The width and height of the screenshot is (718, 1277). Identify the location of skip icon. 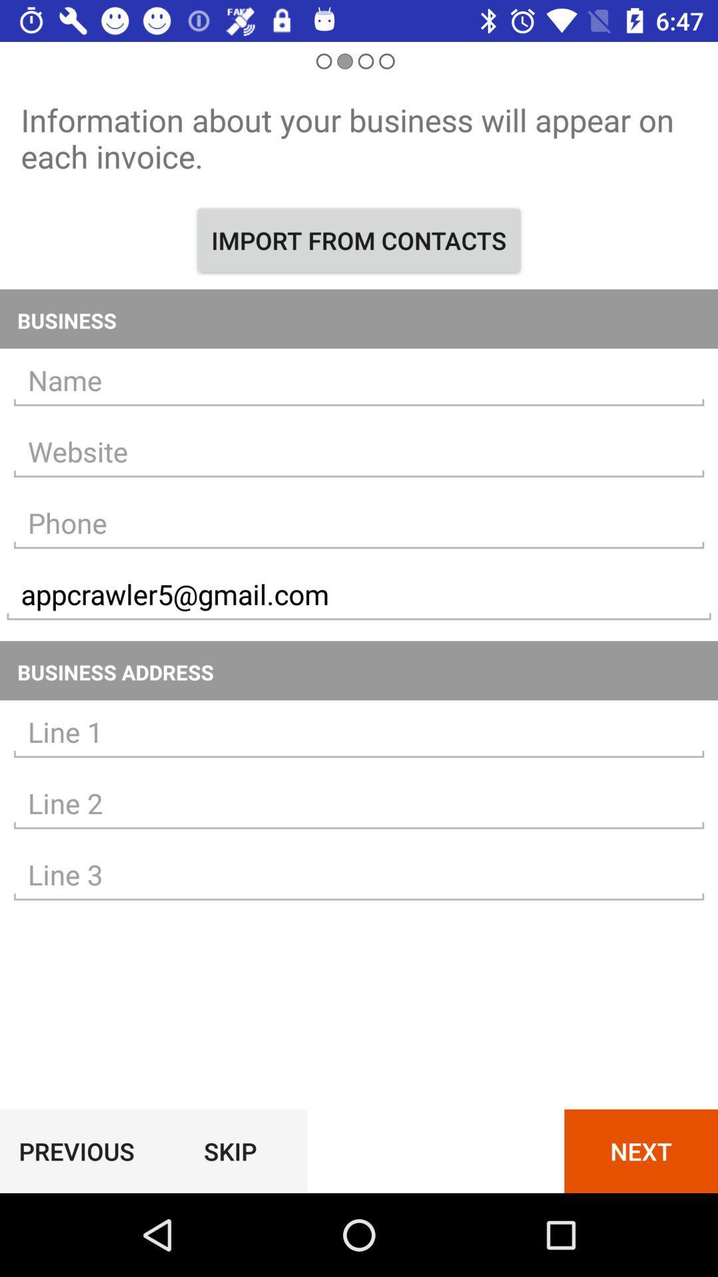
(229, 1151).